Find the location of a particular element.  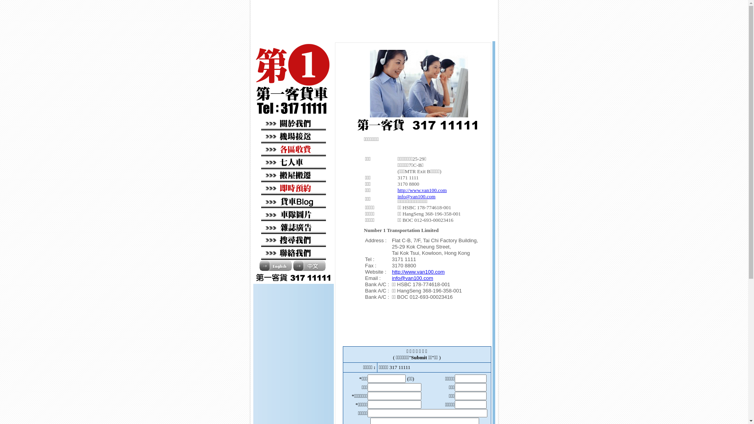

'info@van100.com' is located at coordinates (416, 196).